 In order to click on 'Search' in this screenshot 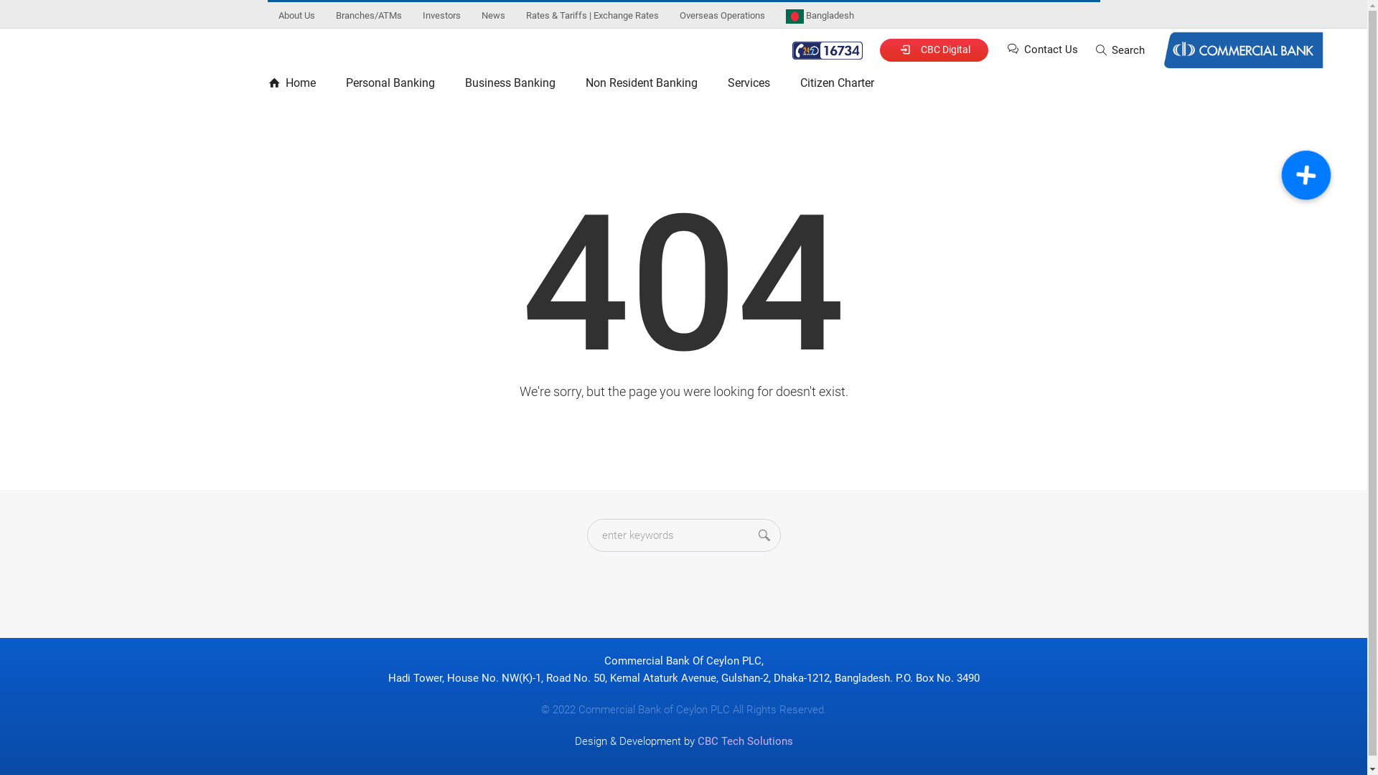, I will do `click(1119, 49)`.